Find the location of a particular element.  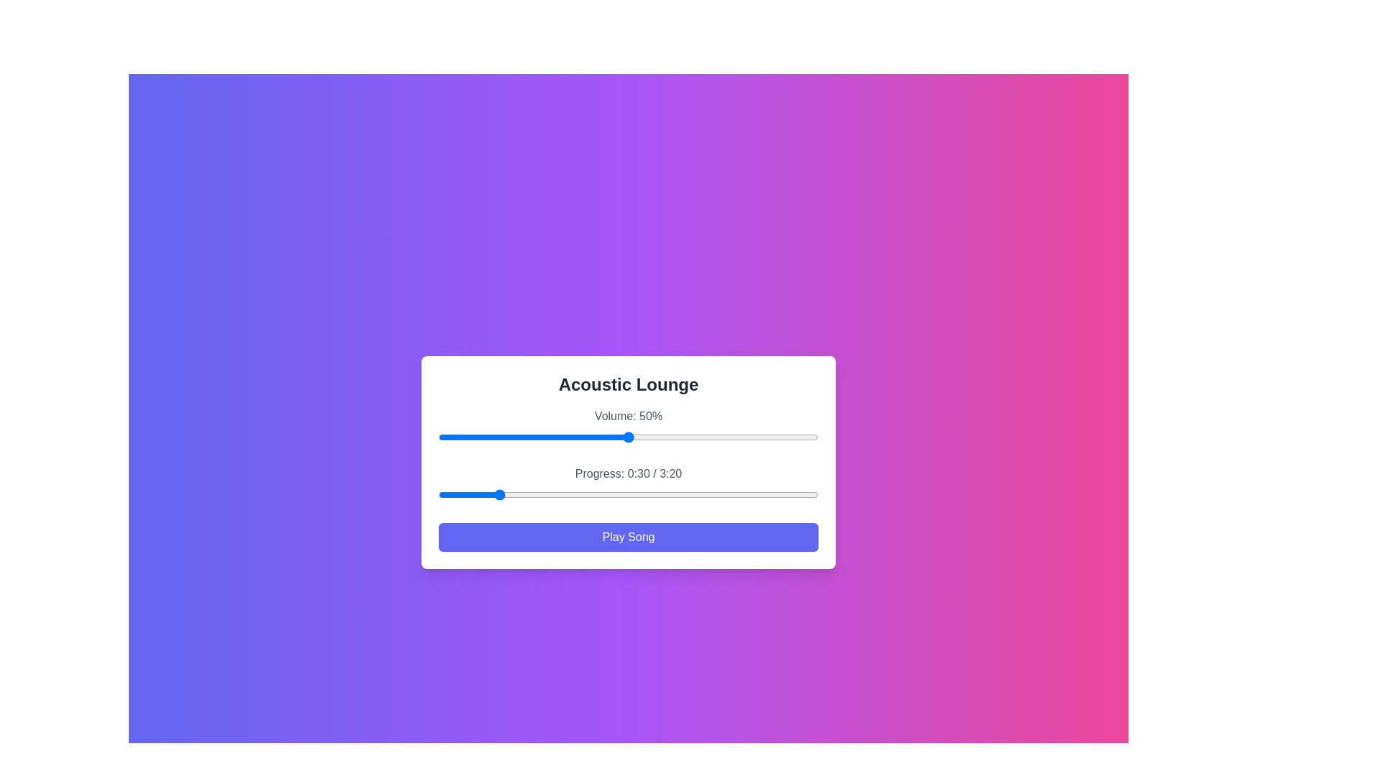

'Play Song' button to start playing the song is located at coordinates (628, 537).